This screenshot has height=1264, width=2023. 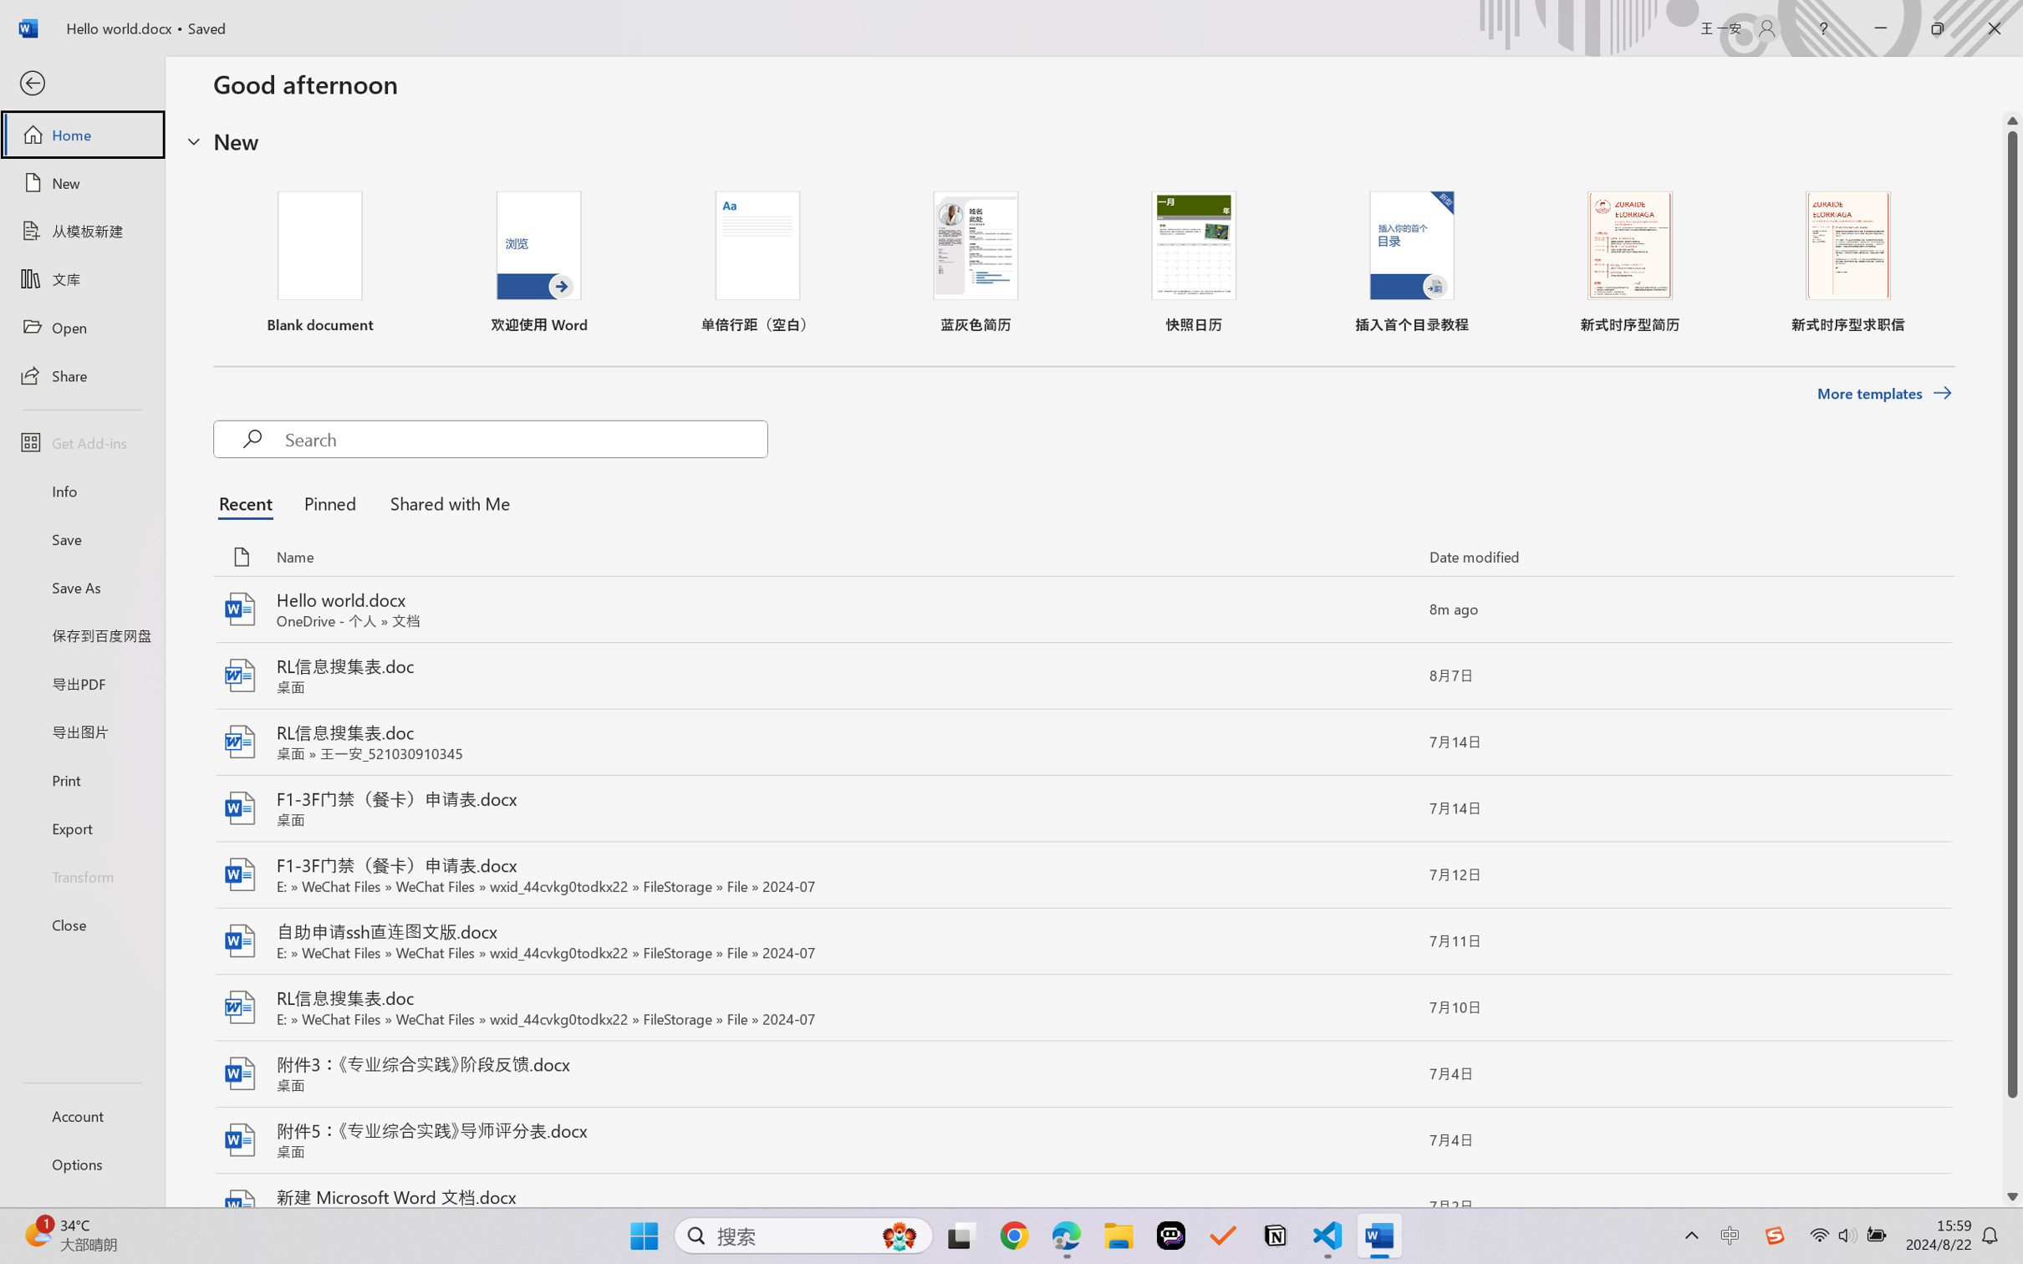 What do you see at coordinates (81, 827) in the screenshot?
I see `'Export'` at bounding box center [81, 827].